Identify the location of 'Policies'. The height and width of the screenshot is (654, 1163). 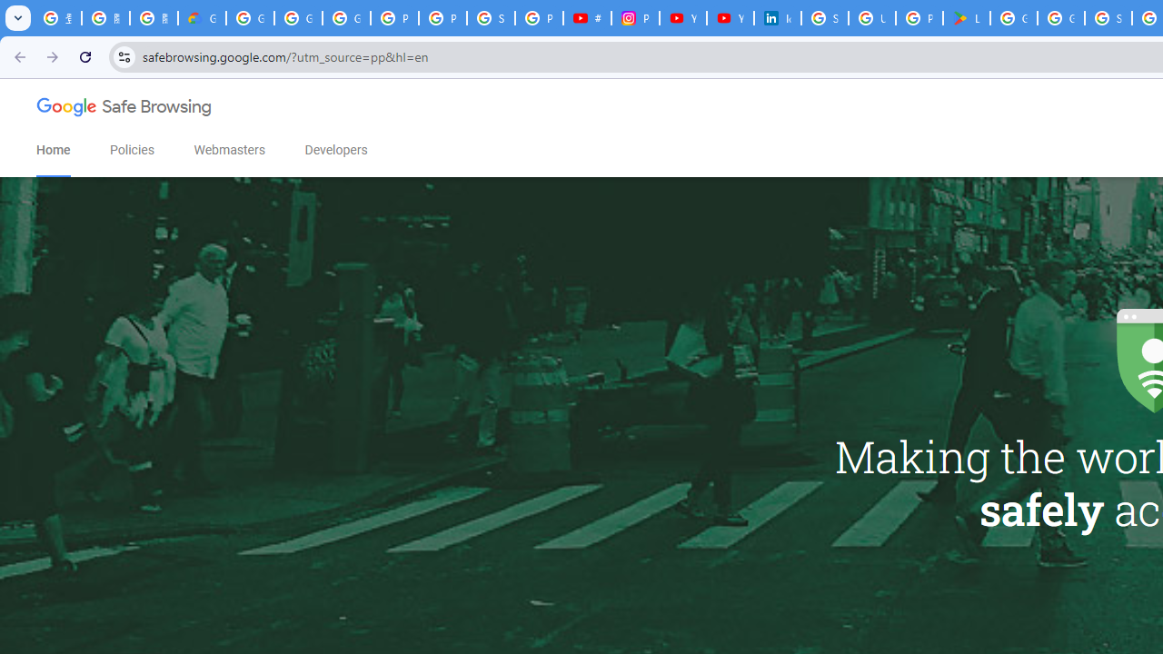
(131, 149).